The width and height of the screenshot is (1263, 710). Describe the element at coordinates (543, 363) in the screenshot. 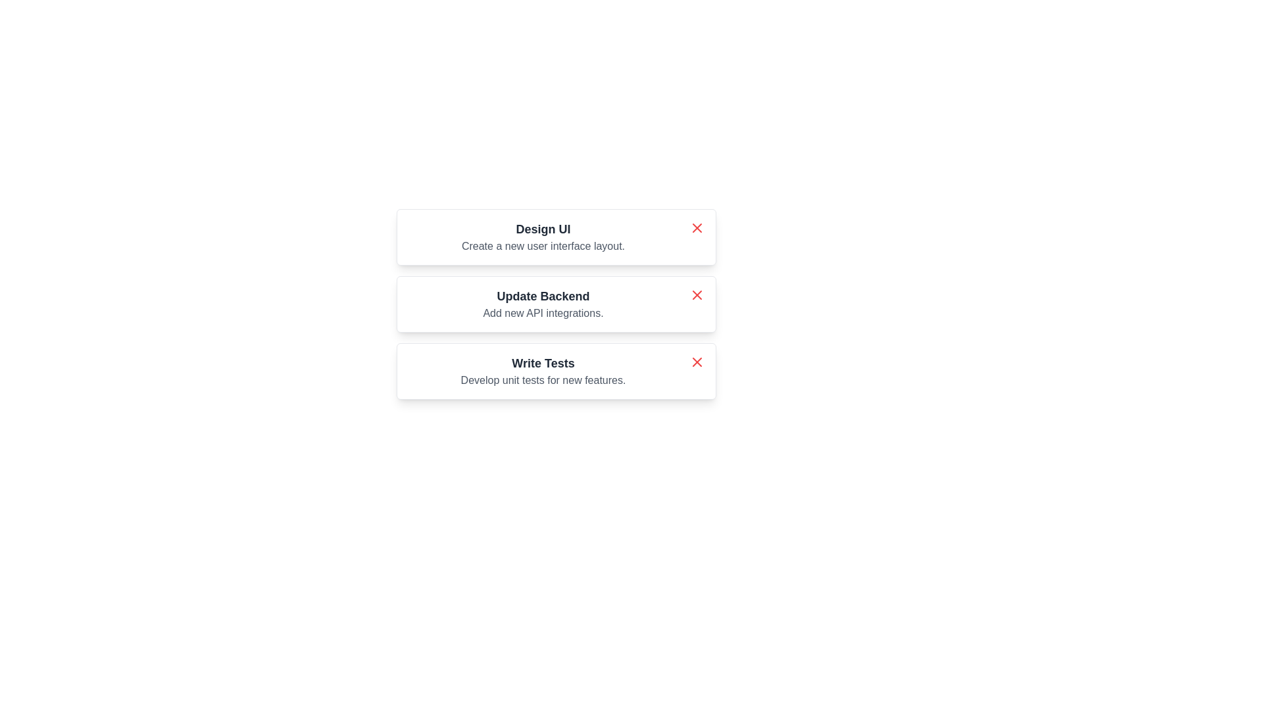

I see `the Text Label that serves as the title for the section describing a task related to writing tests, which is the heading of the third section from the top in a vertically aligned list of cards` at that location.